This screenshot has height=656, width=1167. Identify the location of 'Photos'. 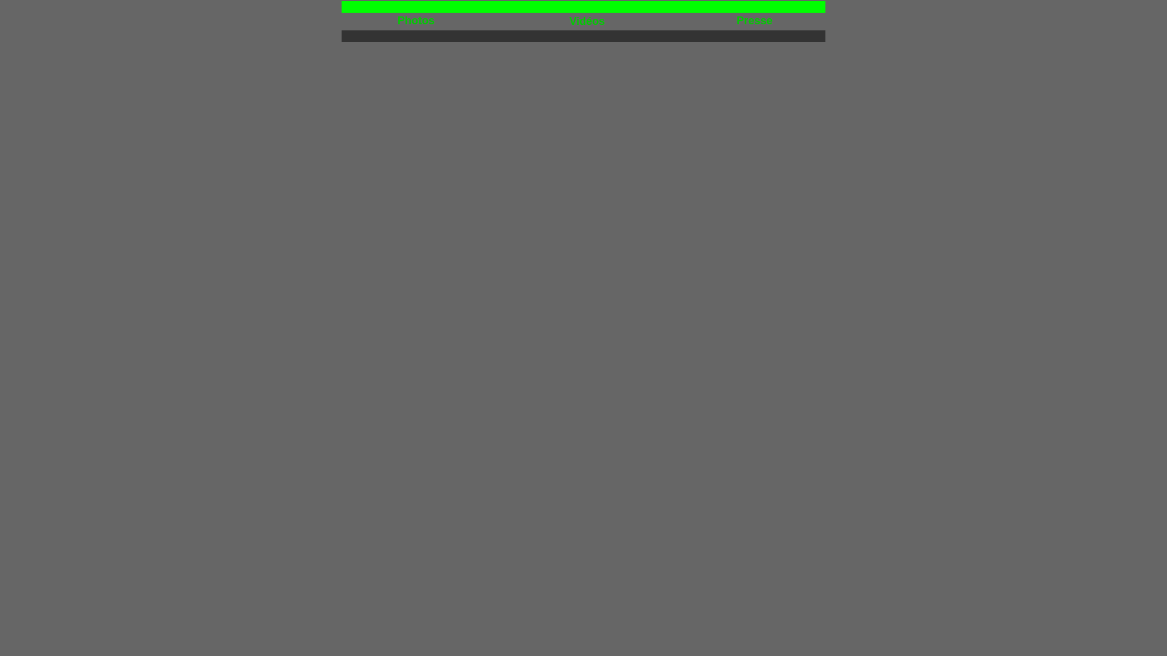
(397, 21).